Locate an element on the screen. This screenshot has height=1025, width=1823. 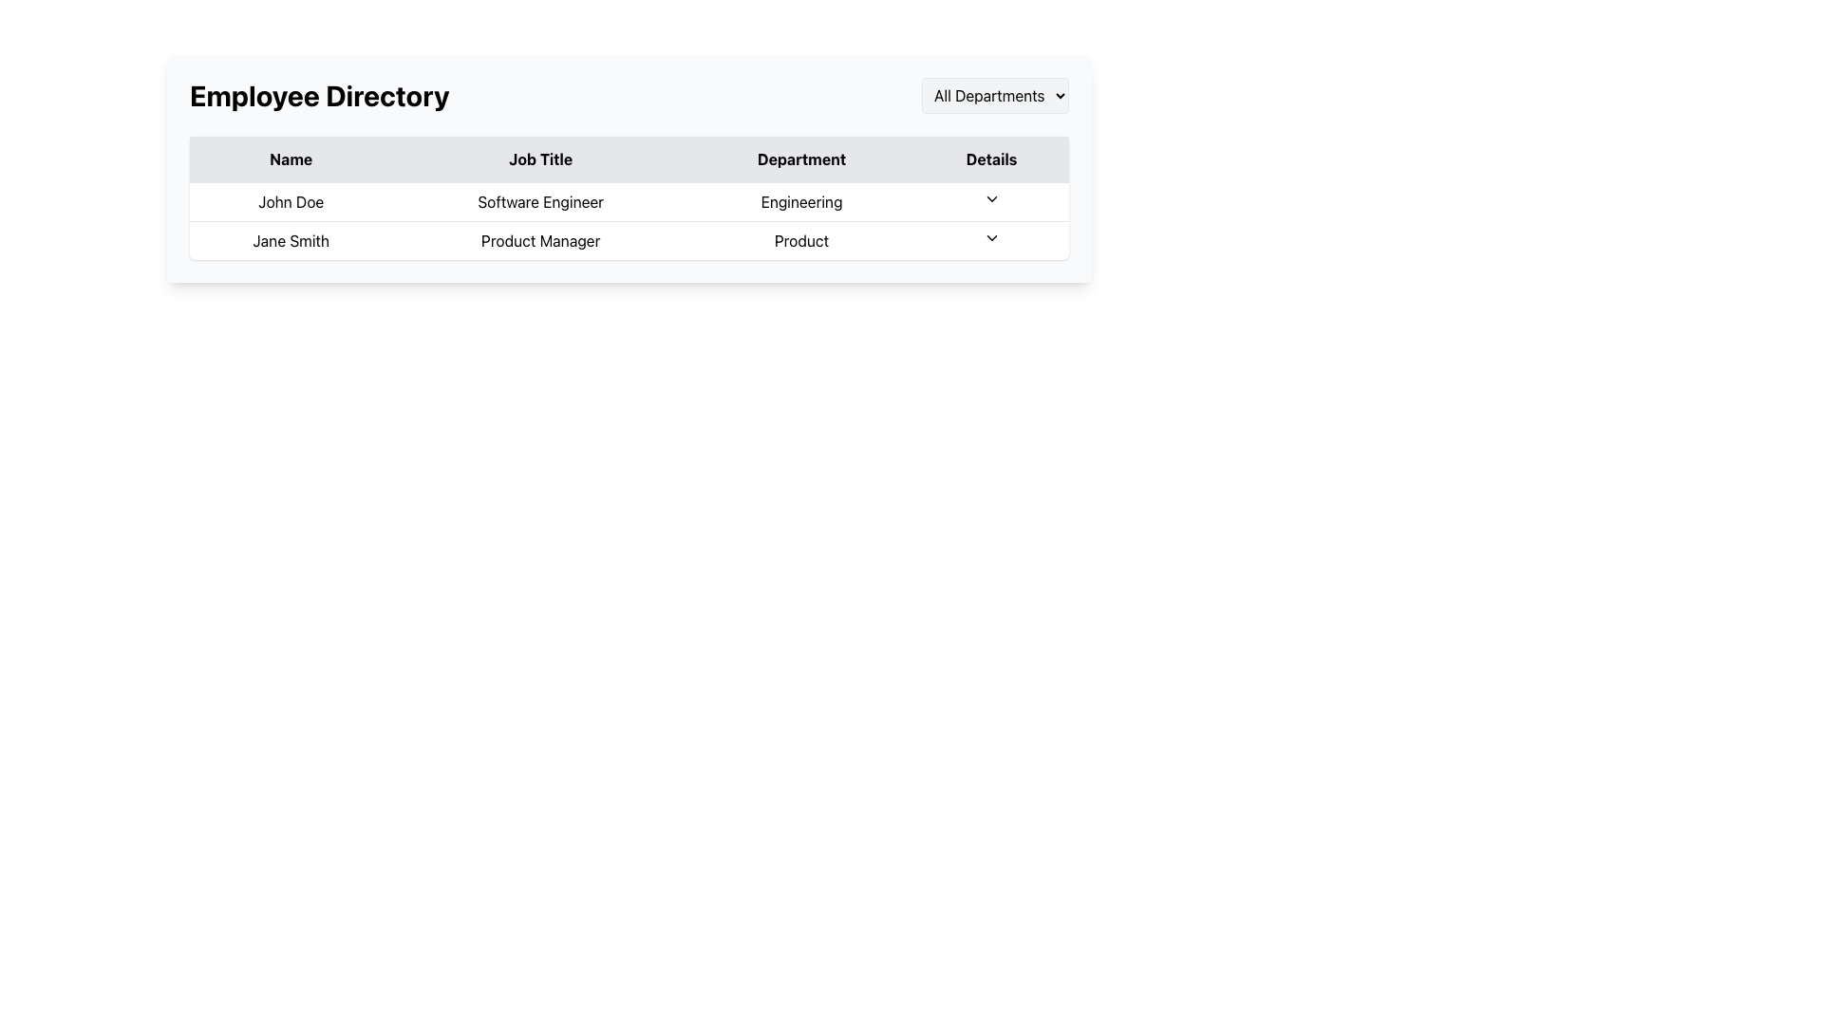
the 'Name' column header in the table, which is the first header displaying the word 'Name' in bold on a light gray background is located at coordinates (290, 158).